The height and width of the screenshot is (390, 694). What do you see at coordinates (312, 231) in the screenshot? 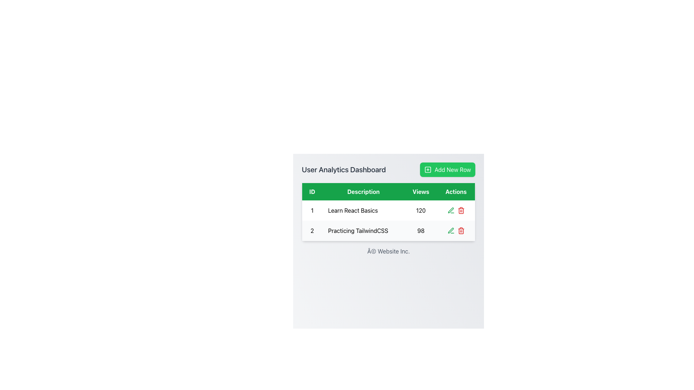
I see `the Text Display element that shows the unique identifier '2' in the first cell of the second row under the 'ID' column of the data table` at bounding box center [312, 231].